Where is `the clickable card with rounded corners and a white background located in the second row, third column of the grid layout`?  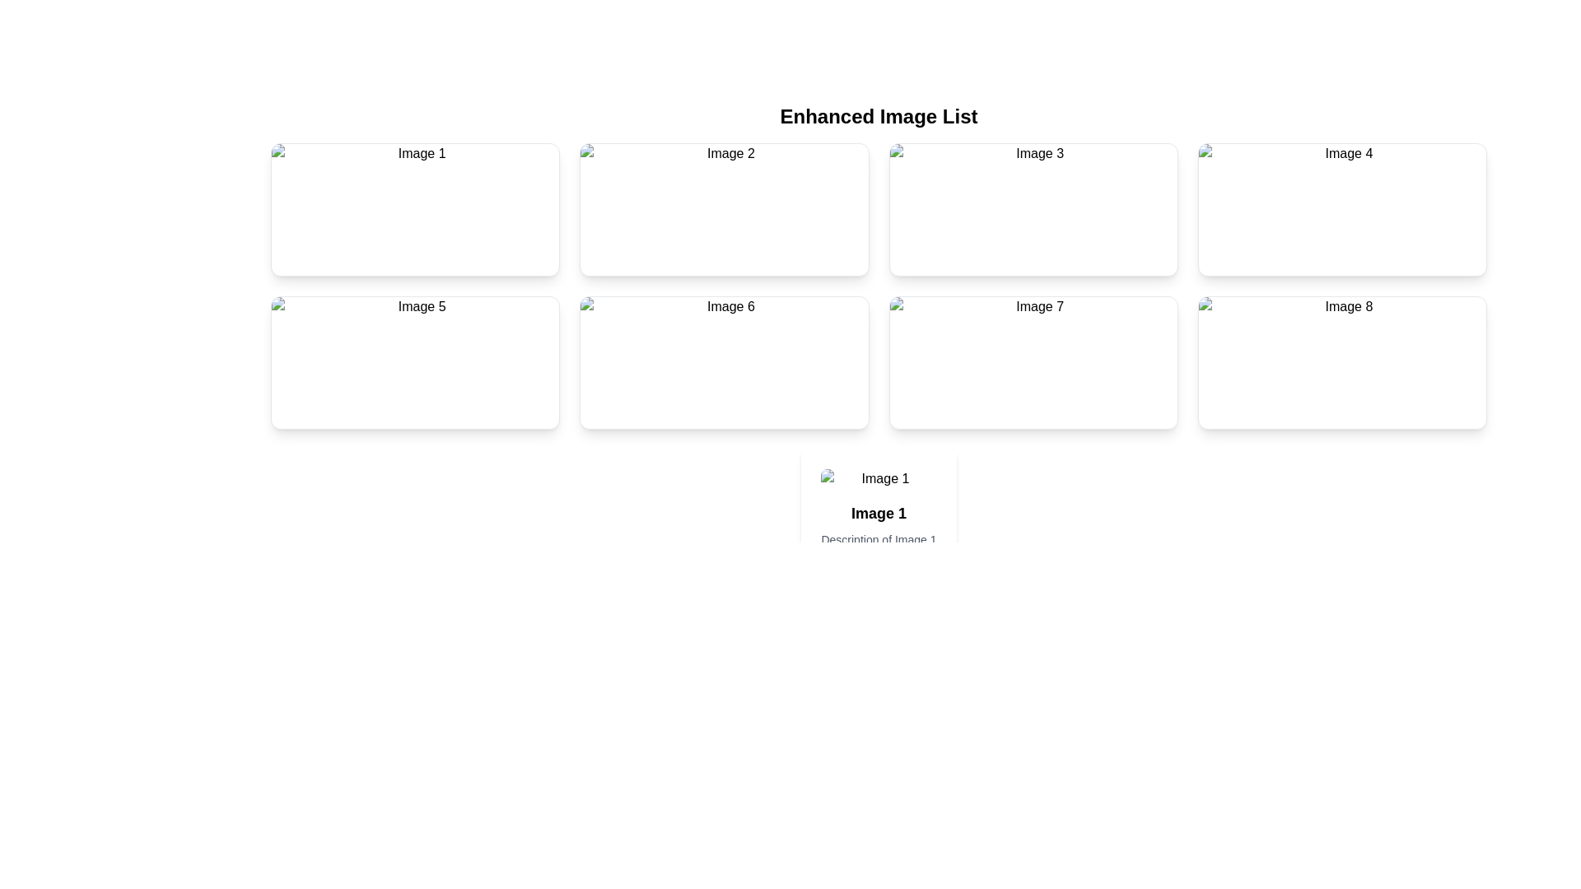
the clickable card with rounded corners and a white background located in the second row, third column of the grid layout is located at coordinates (724, 361).